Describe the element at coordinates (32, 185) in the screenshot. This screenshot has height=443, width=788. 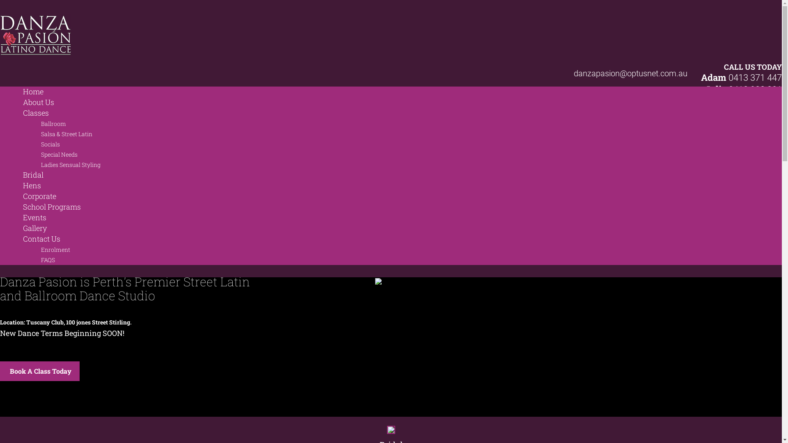
I see `'Hens'` at that location.